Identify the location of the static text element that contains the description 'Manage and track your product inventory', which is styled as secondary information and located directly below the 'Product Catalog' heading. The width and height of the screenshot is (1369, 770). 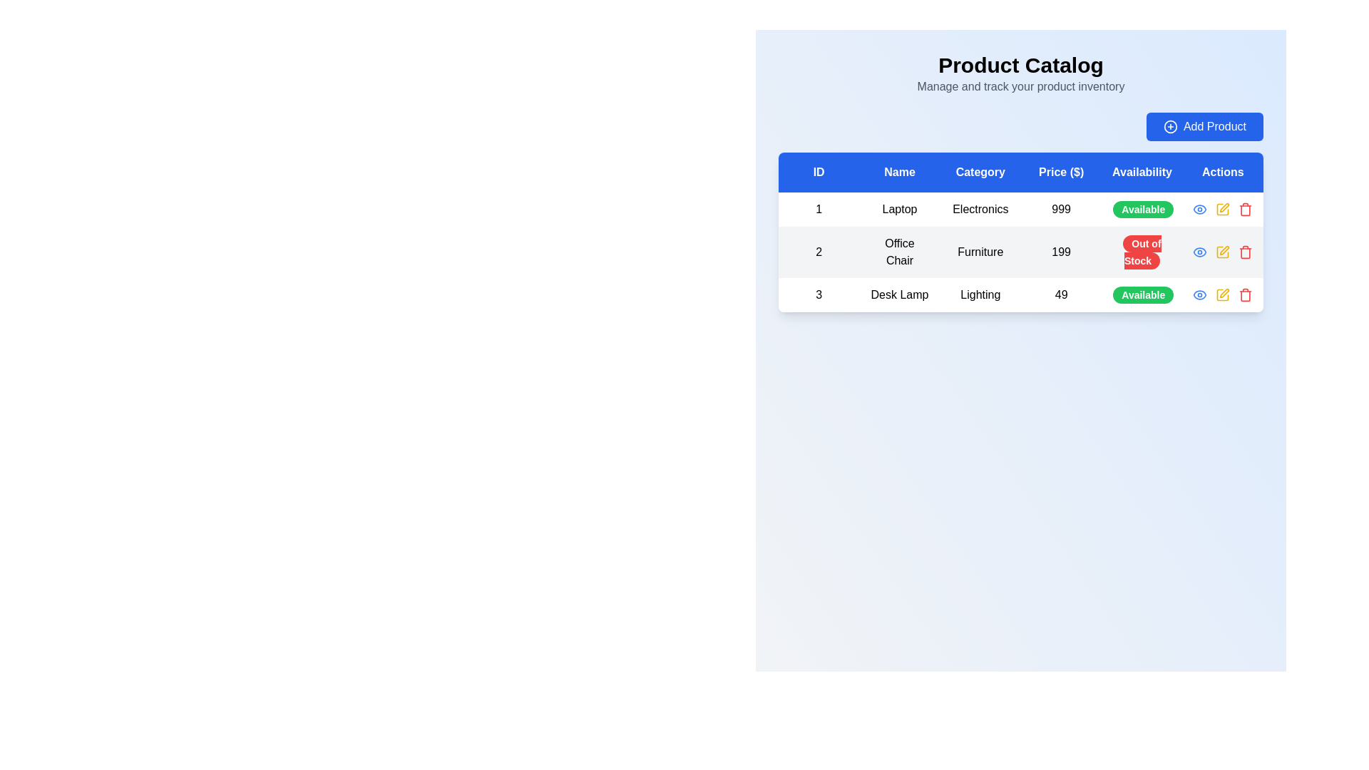
(1020, 87).